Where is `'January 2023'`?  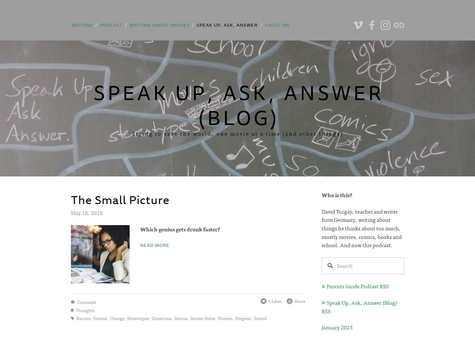 'January 2023' is located at coordinates (321, 327).